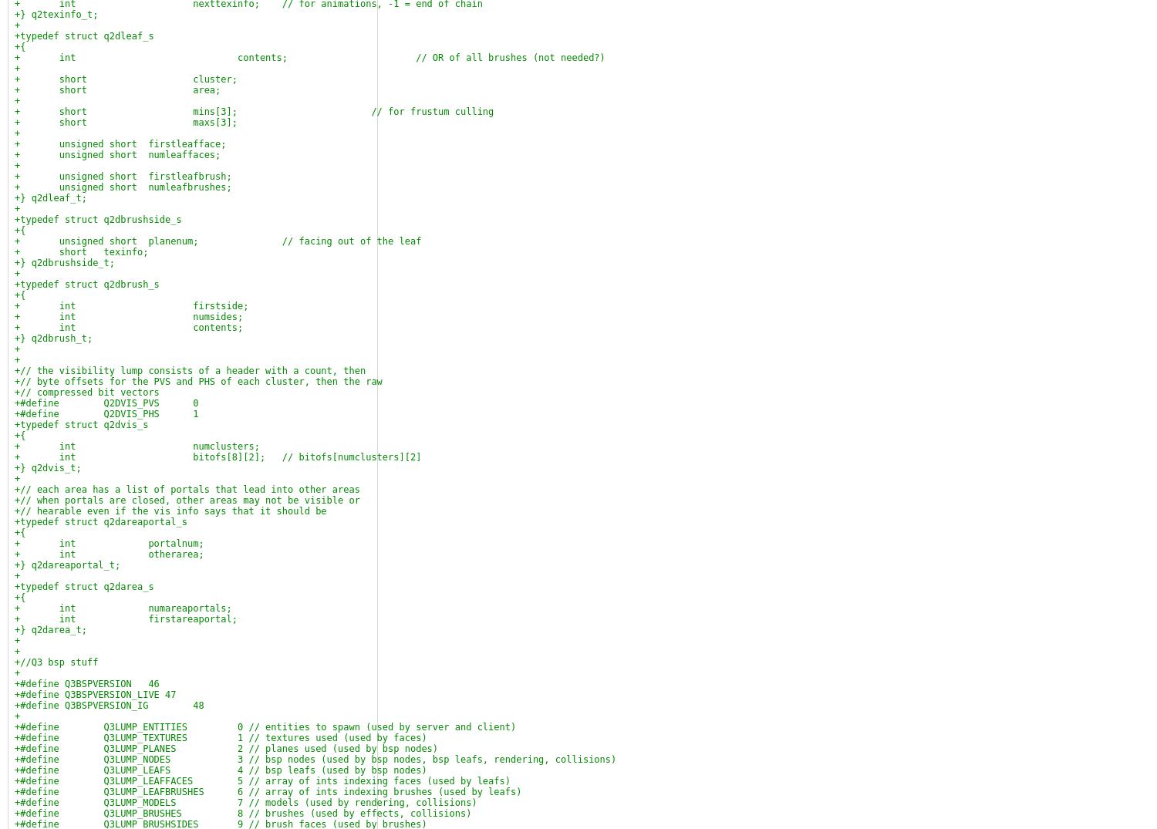 The height and width of the screenshot is (829, 1157). Describe the element at coordinates (15, 553) in the screenshot. I see `'+       int             otherarea;'` at that location.